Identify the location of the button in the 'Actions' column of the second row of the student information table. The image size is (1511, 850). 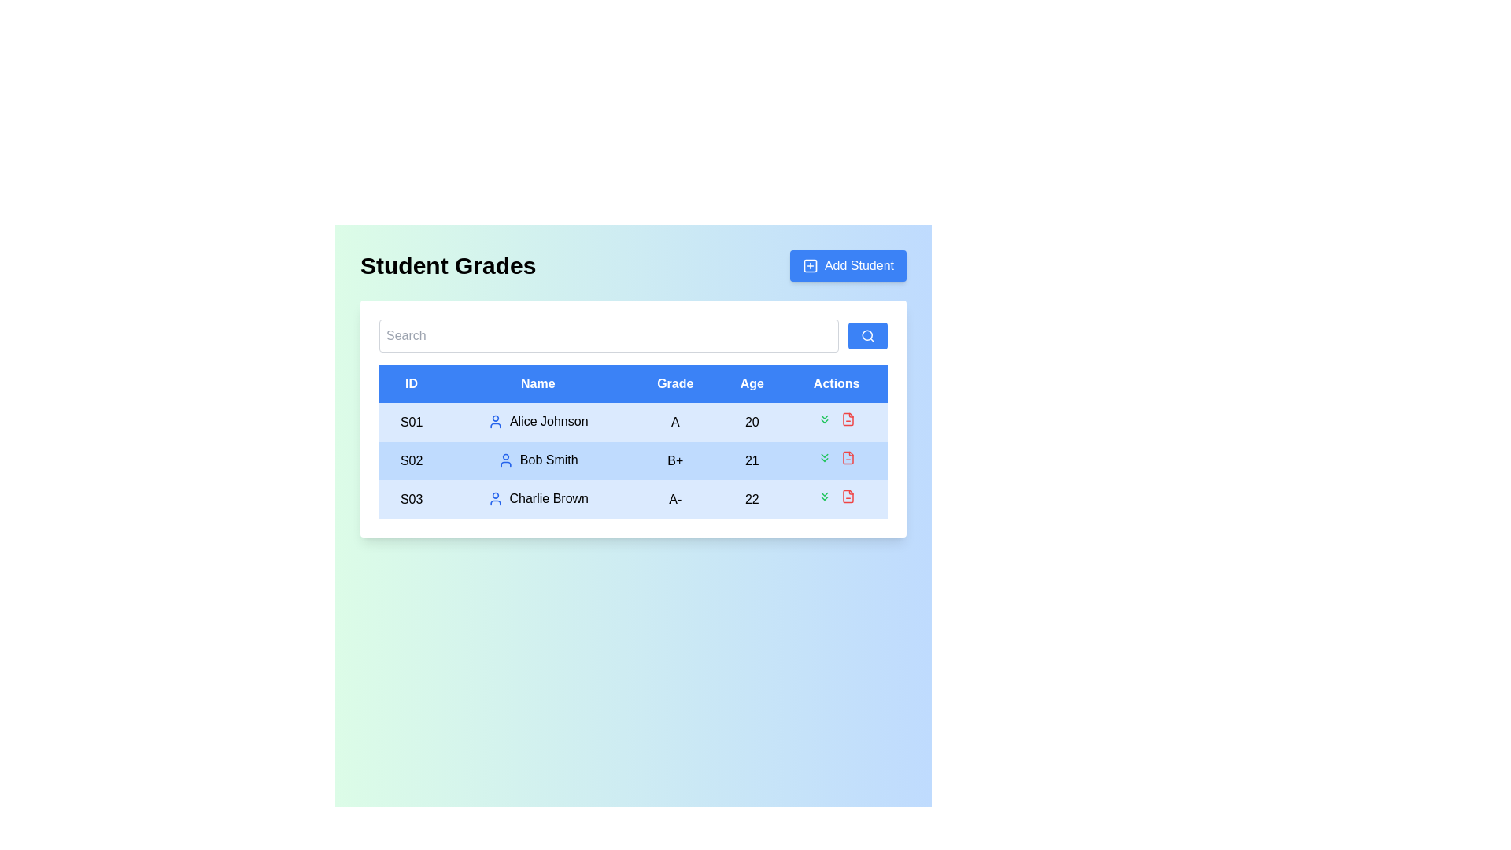
(824, 458).